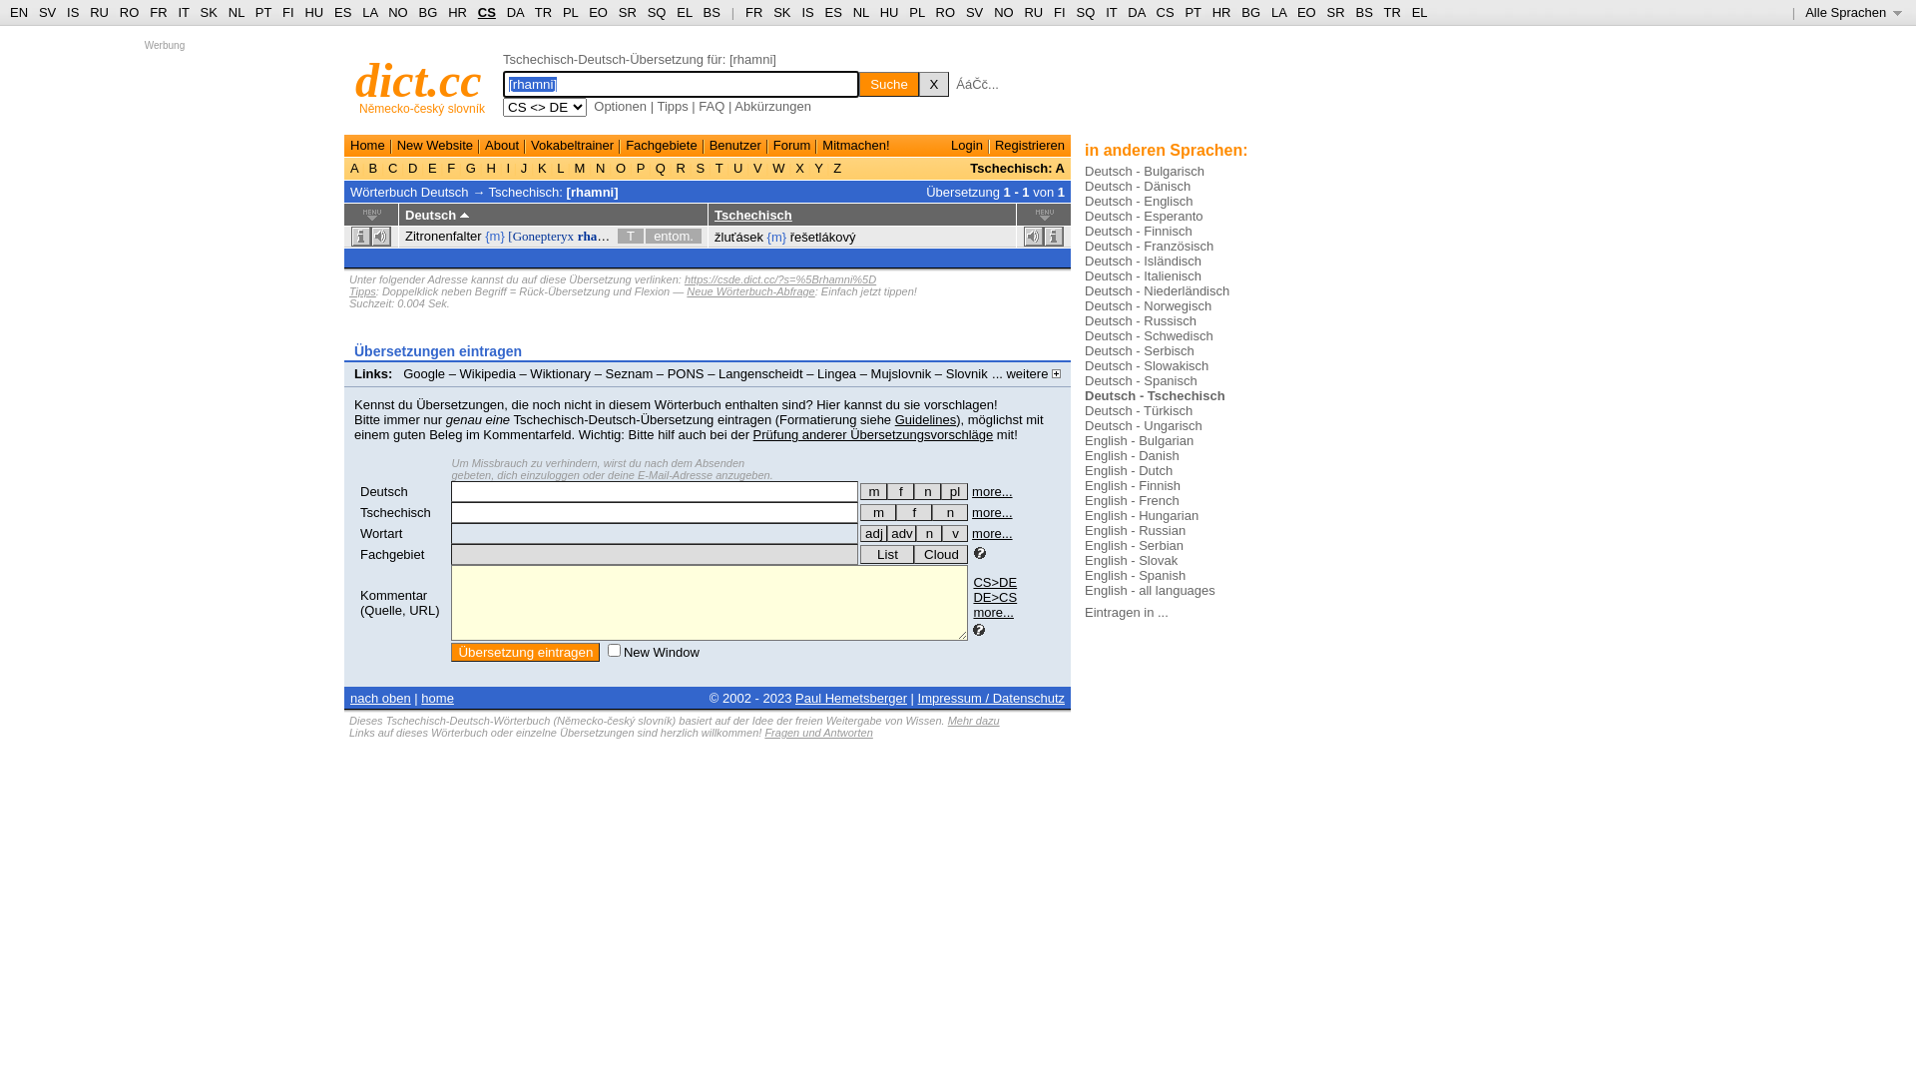 Image resolution: width=1916 pixels, height=1078 pixels. What do you see at coordinates (1026, 373) in the screenshot?
I see `'... weitere'` at bounding box center [1026, 373].